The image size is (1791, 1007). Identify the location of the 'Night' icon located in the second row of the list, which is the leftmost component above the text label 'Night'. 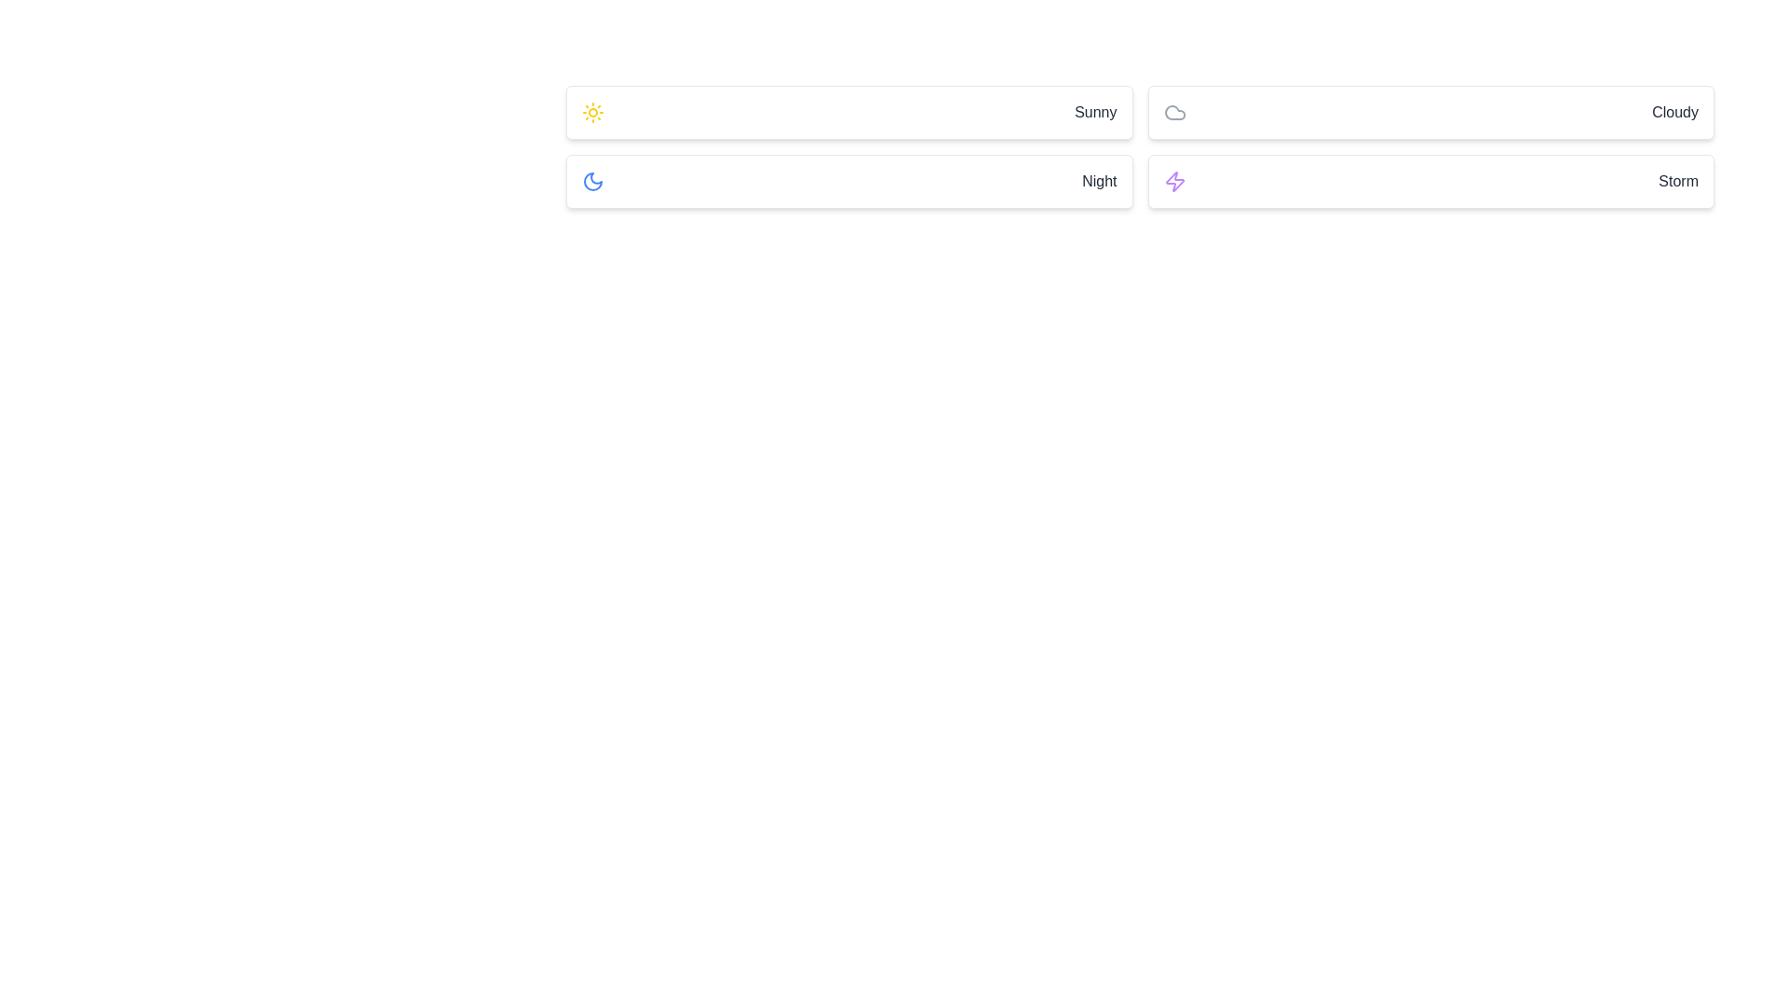
(591, 182).